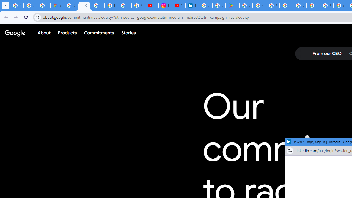  I want to click on 'View site information', so click(290, 150).